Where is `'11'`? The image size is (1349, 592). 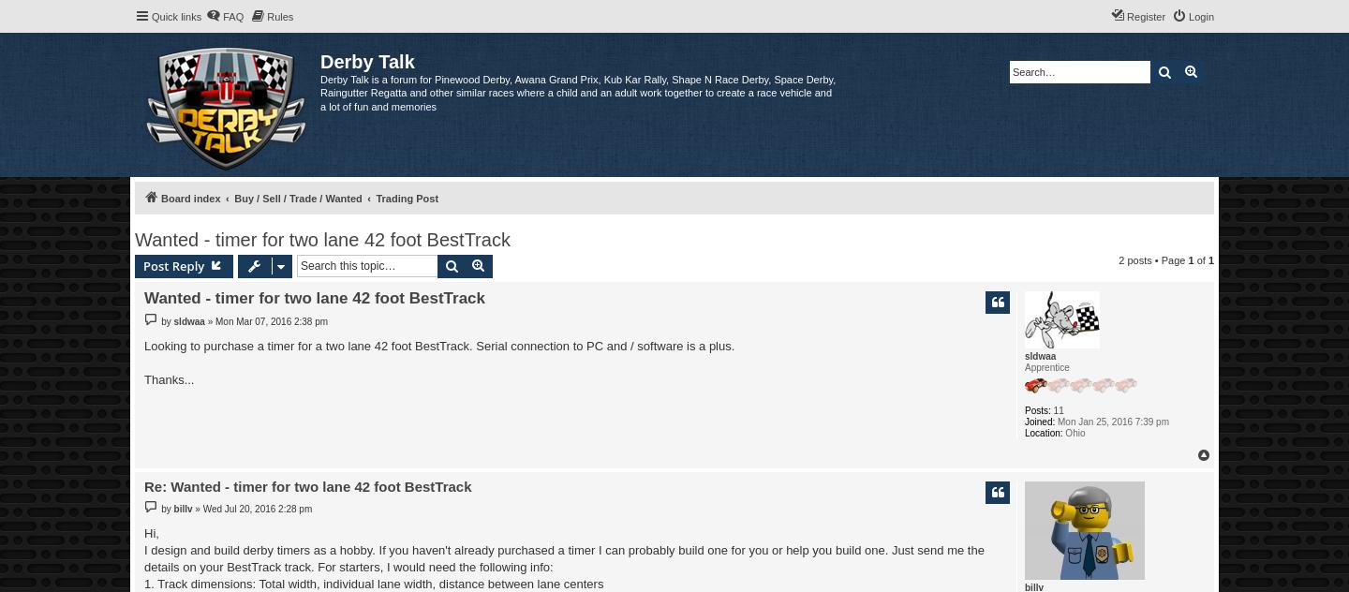
'11' is located at coordinates (1057, 409).